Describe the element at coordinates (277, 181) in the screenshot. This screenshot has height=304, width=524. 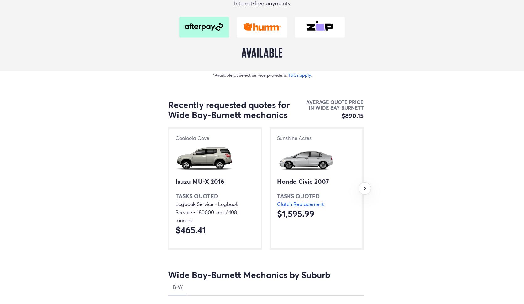
I see `'Honda Civic 2007'` at that location.